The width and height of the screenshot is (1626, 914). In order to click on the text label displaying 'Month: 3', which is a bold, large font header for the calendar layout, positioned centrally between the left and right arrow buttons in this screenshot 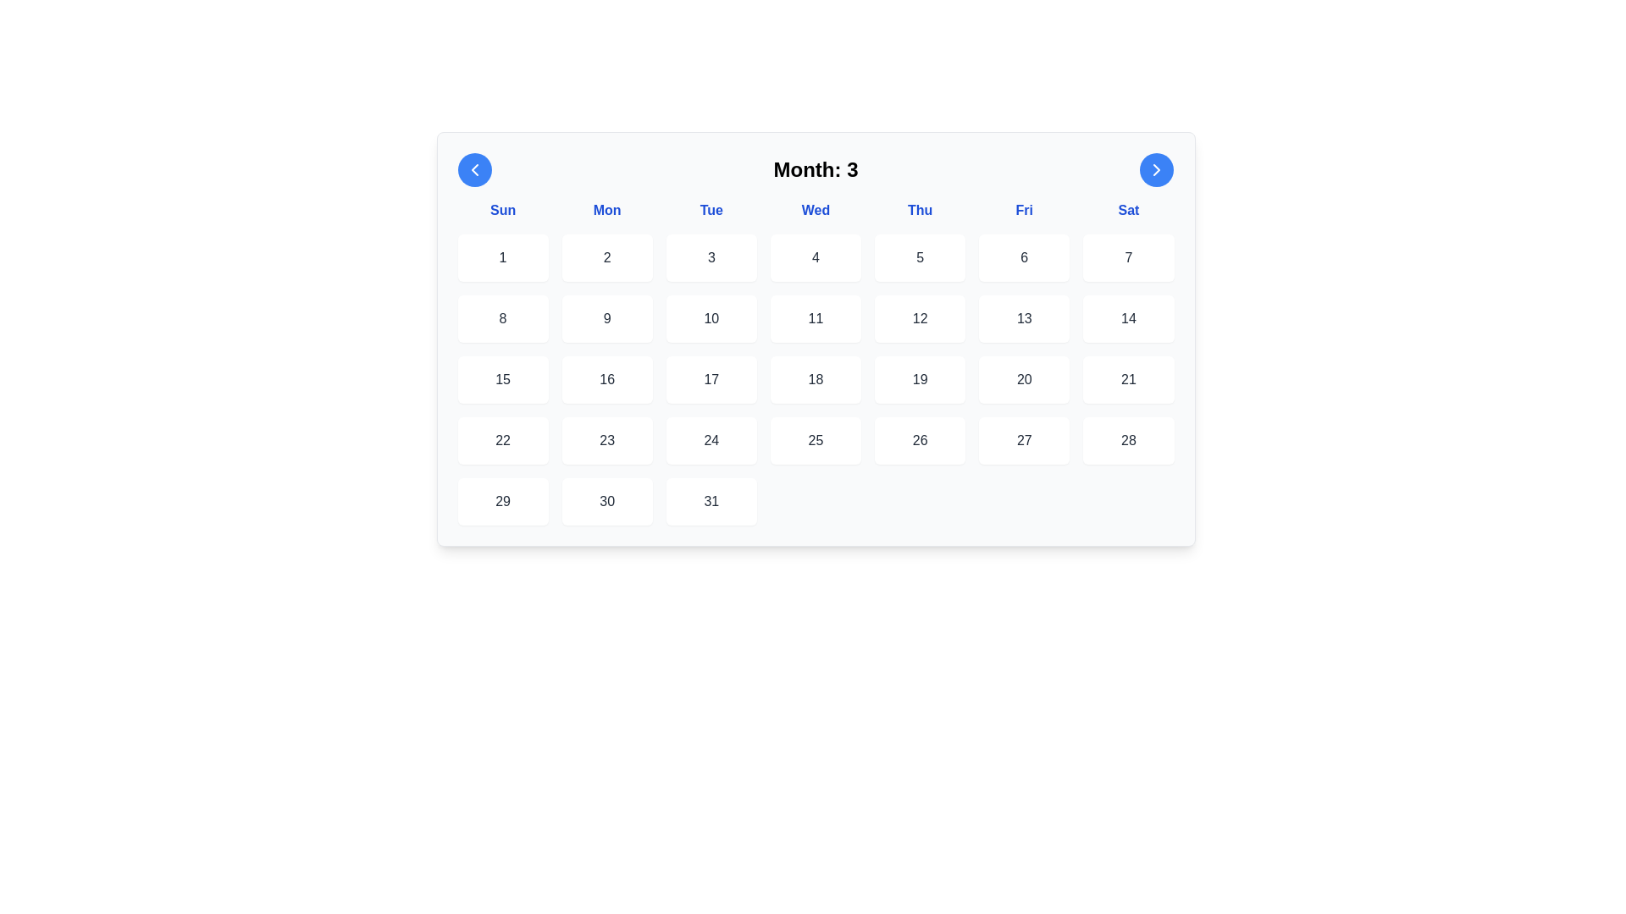, I will do `click(816, 169)`.